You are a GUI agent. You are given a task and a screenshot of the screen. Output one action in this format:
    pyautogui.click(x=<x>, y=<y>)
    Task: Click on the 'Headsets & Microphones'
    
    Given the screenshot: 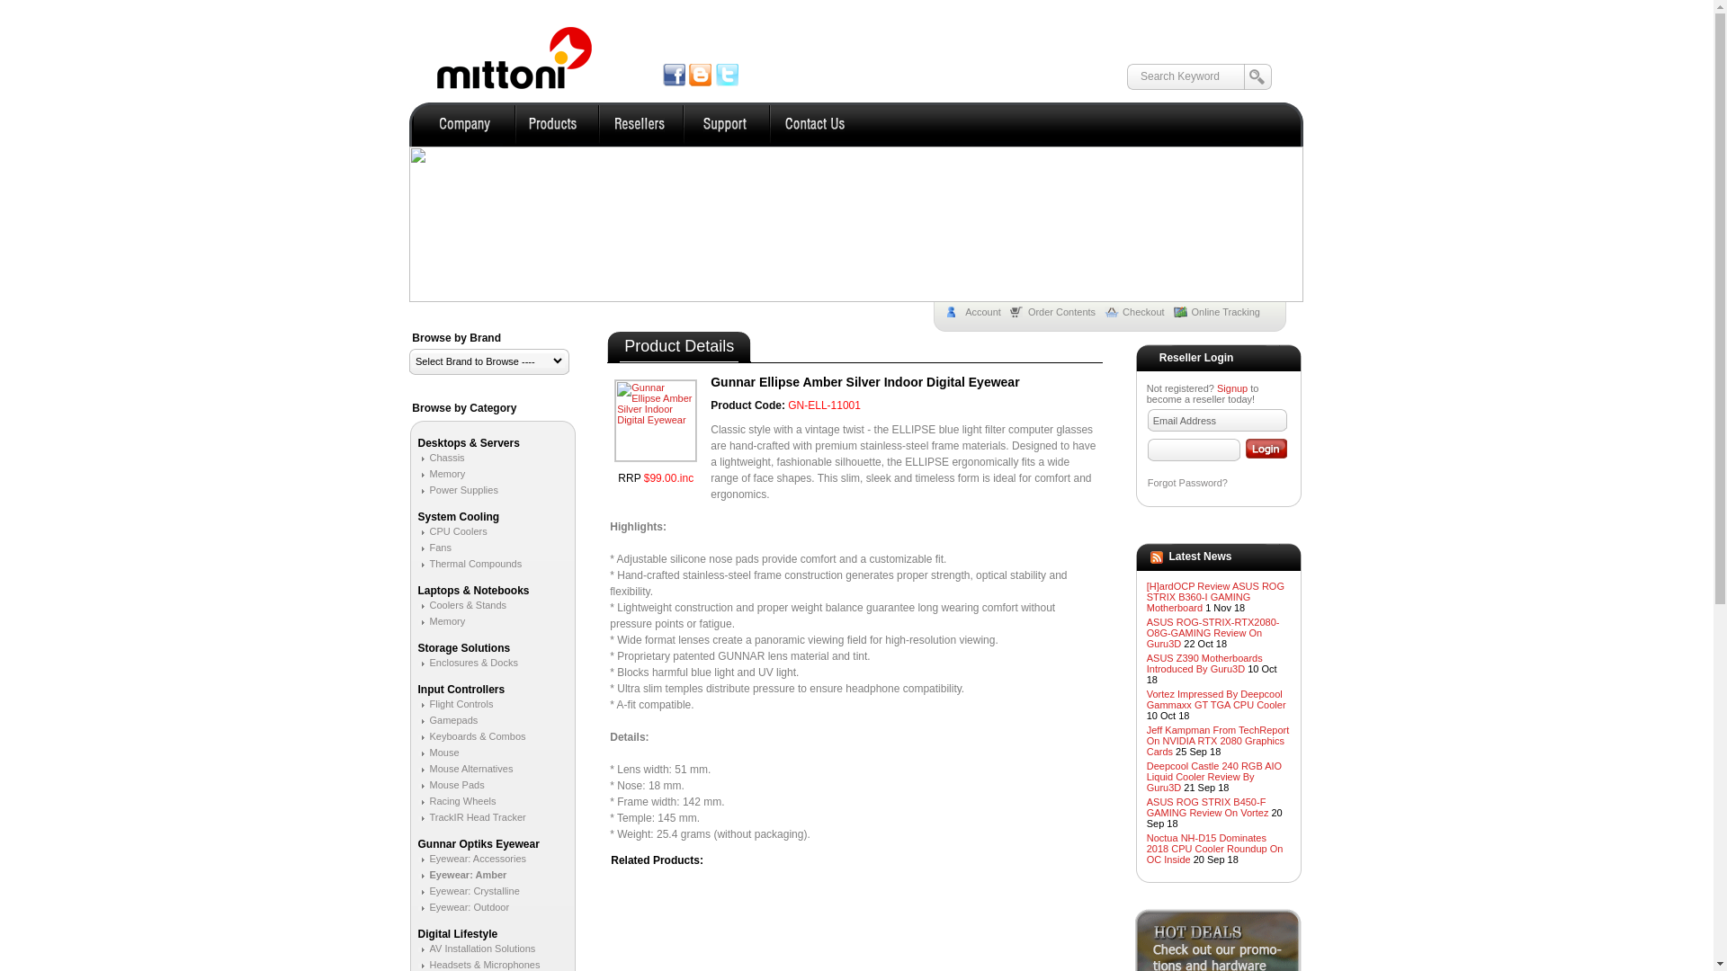 What is the action you would take?
    pyautogui.click(x=479, y=963)
    